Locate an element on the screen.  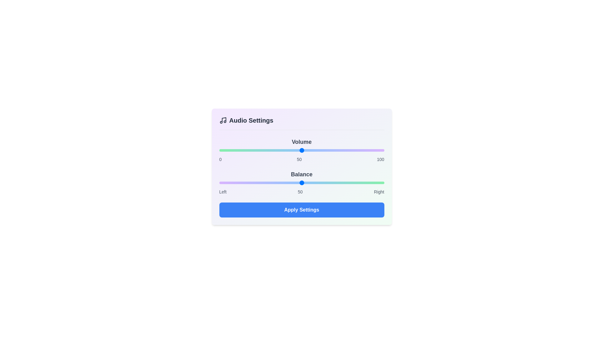
the musical note icon located to the left of the 'Audio Settings' text in the header of the content box is located at coordinates (223, 120).